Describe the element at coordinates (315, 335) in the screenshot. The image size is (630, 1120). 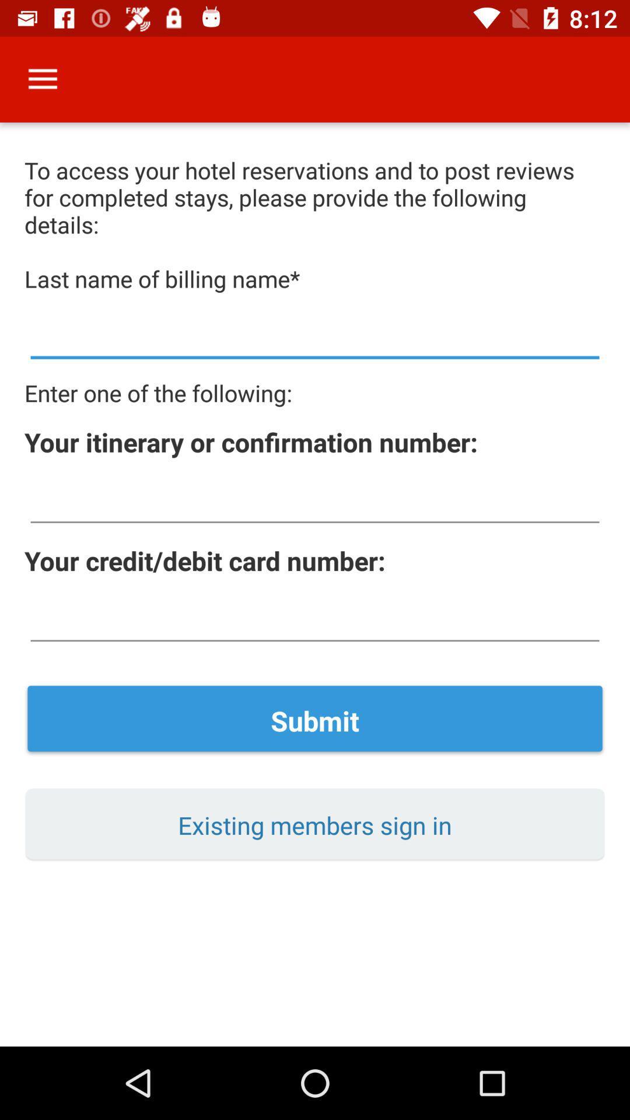
I see `the billing name surname here` at that location.